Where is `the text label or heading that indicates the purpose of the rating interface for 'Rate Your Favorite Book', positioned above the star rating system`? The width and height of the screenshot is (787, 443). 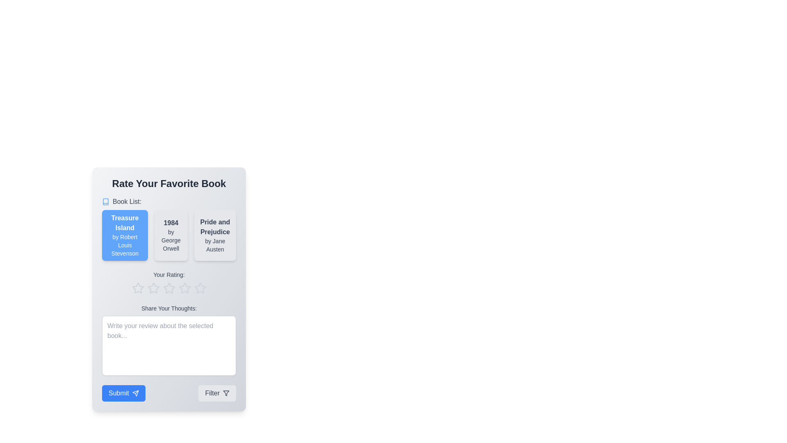
the text label or heading that indicates the purpose of the rating interface for 'Rate Your Favorite Book', positioned above the star rating system is located at coordinates (168, 275).